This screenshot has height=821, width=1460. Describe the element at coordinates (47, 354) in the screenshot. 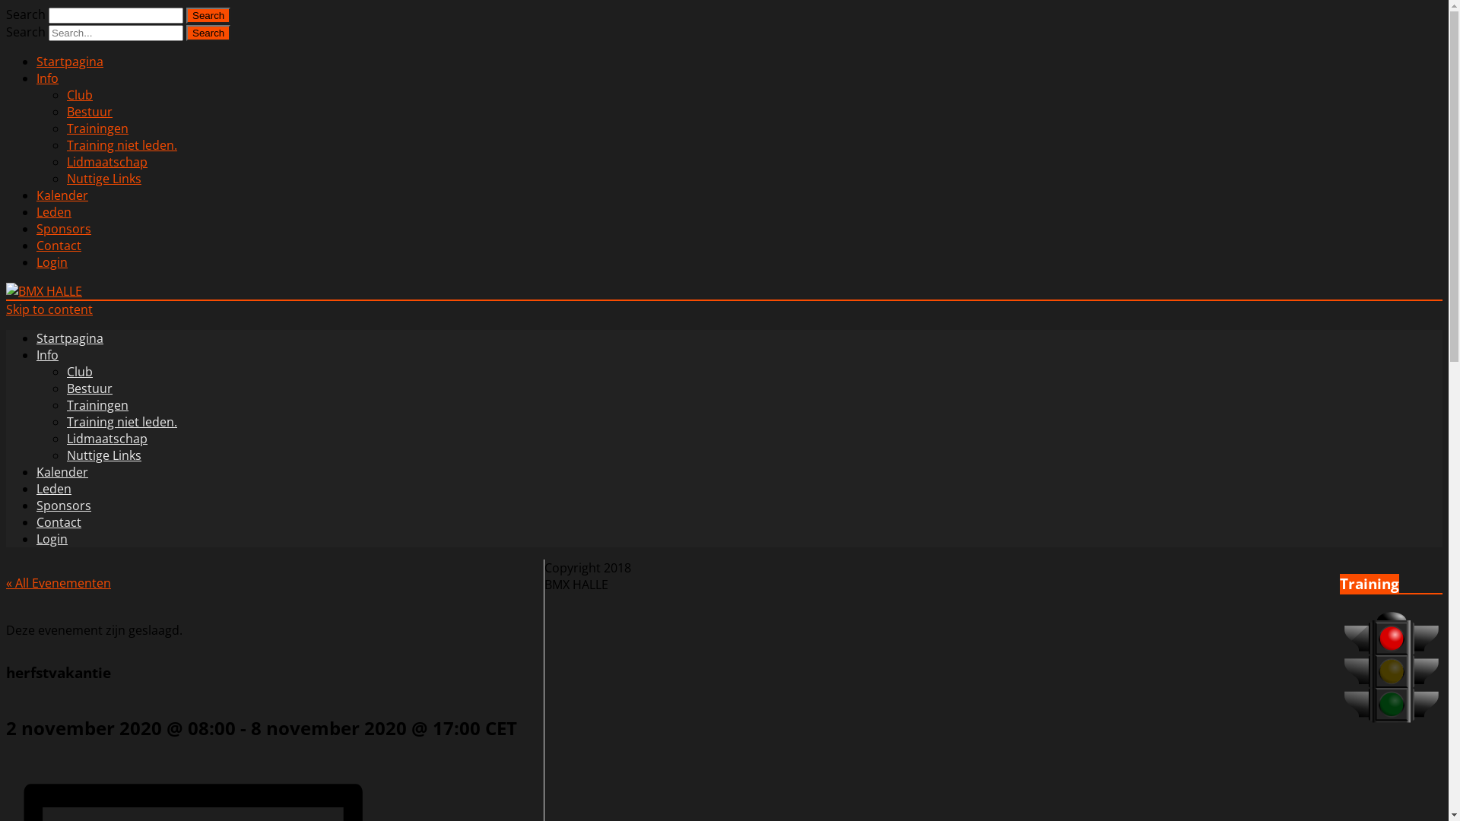

I see `'Info'` at that location.